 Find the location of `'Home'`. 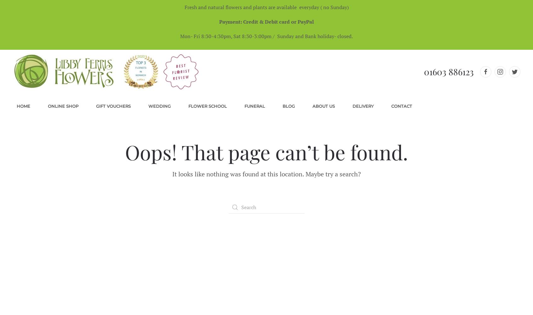

'Home' is located at coordinates (23, 106).